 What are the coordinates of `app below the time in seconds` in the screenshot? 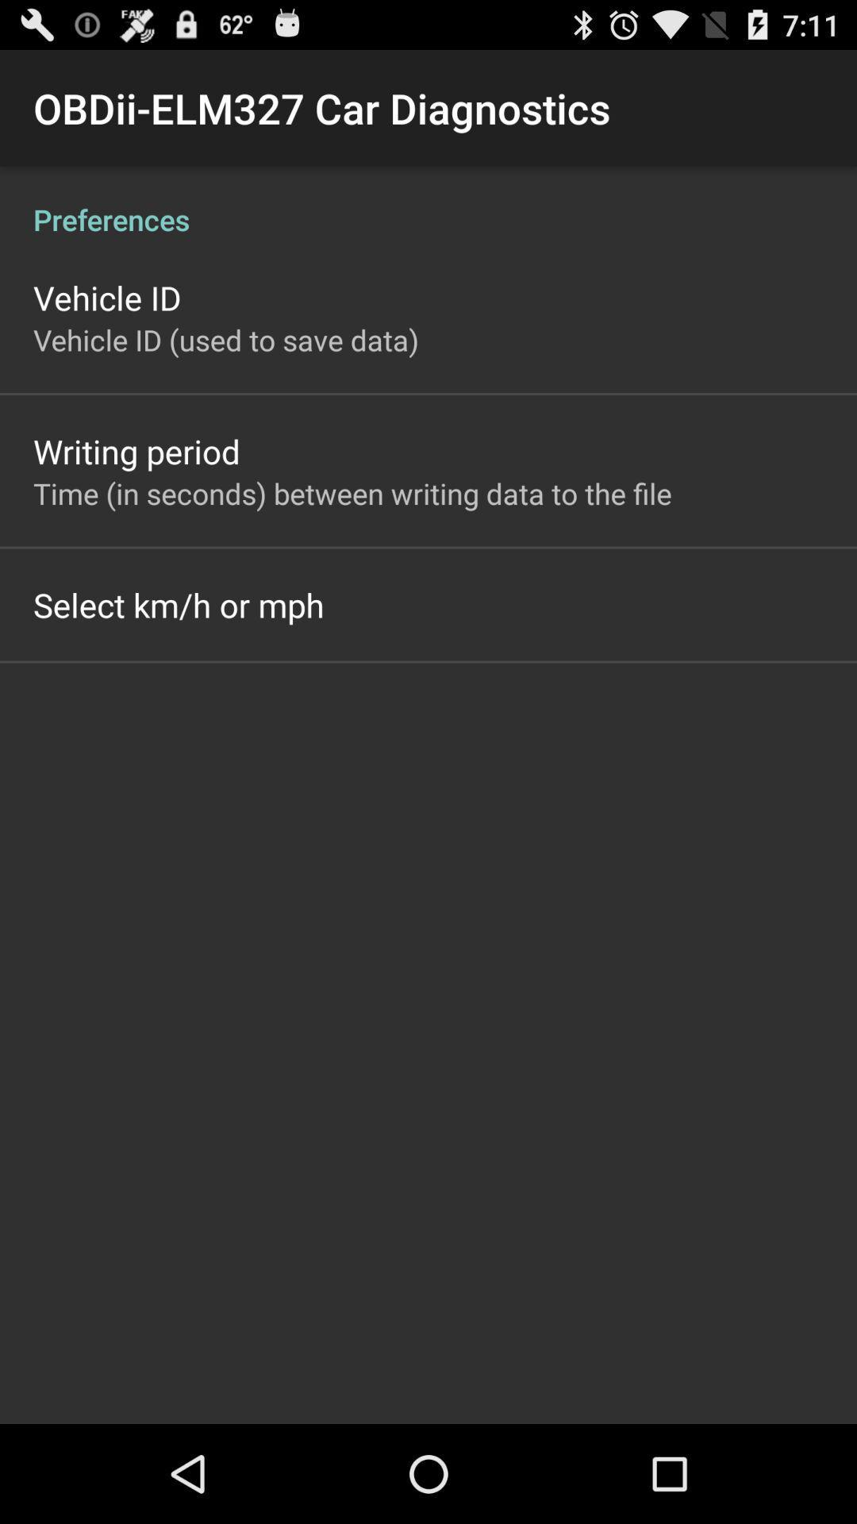 It's located at (179, 604).